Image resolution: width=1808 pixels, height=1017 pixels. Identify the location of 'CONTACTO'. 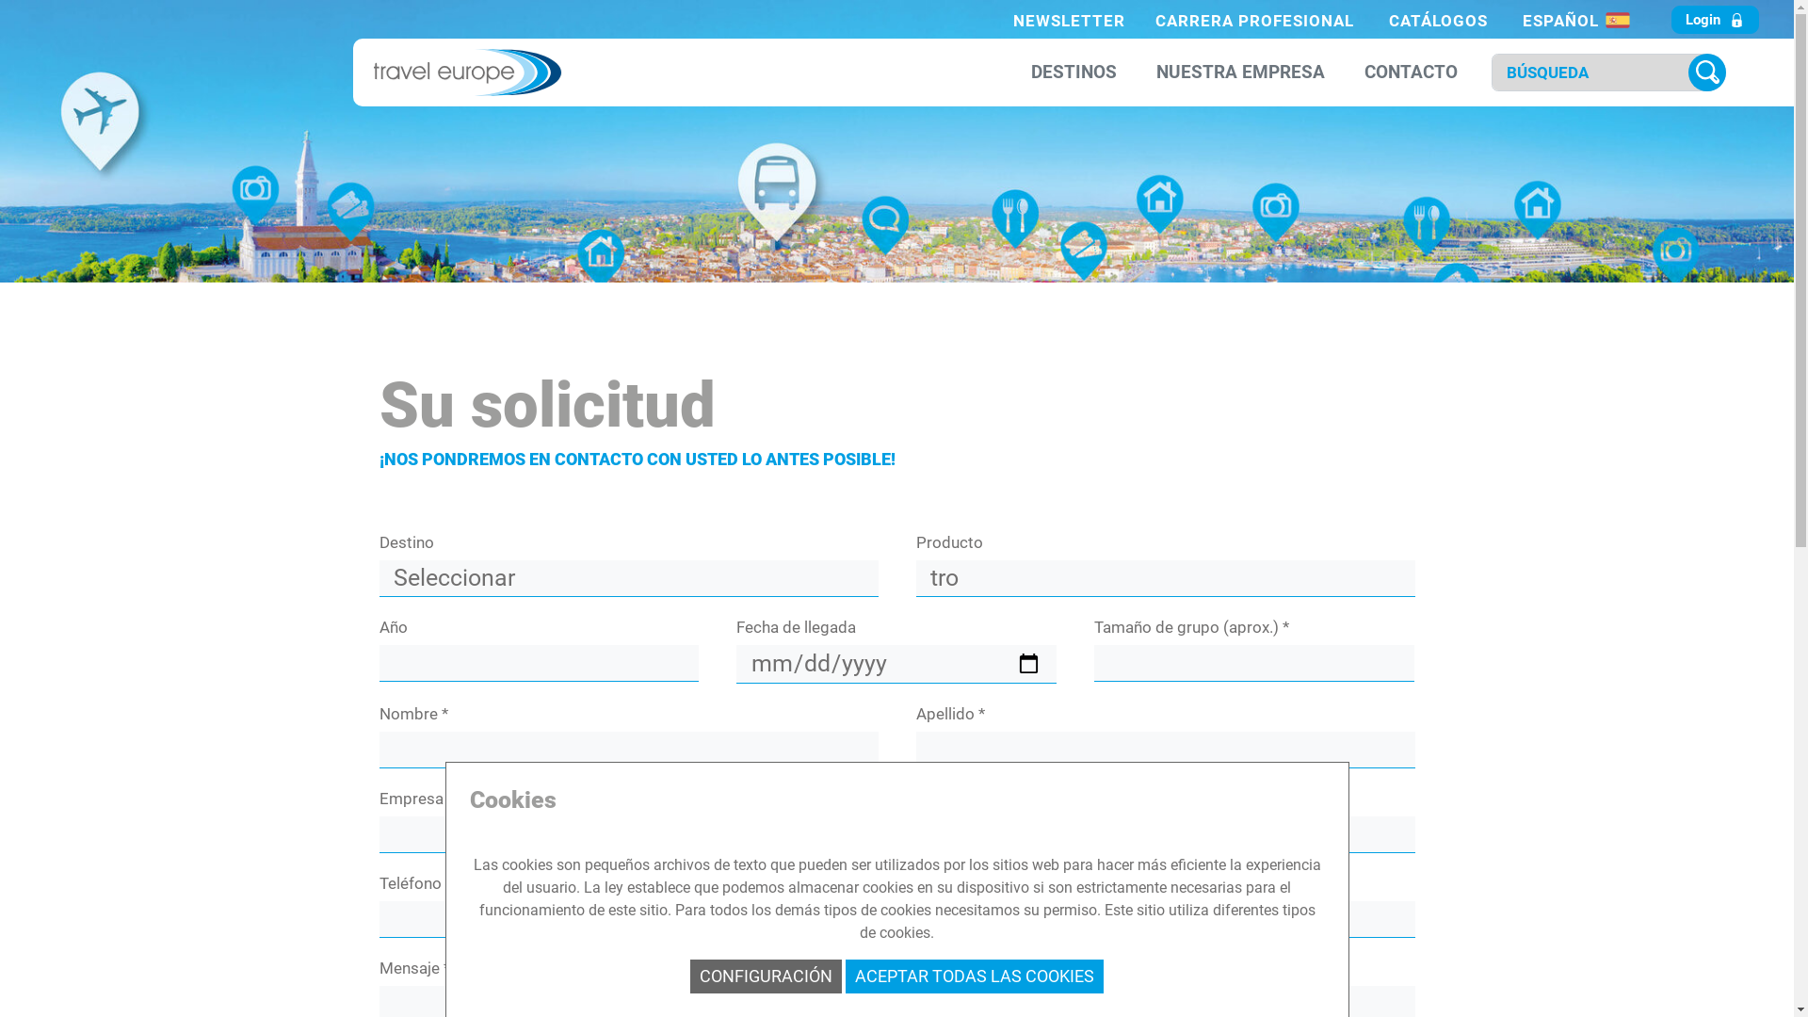
(1411, 72).